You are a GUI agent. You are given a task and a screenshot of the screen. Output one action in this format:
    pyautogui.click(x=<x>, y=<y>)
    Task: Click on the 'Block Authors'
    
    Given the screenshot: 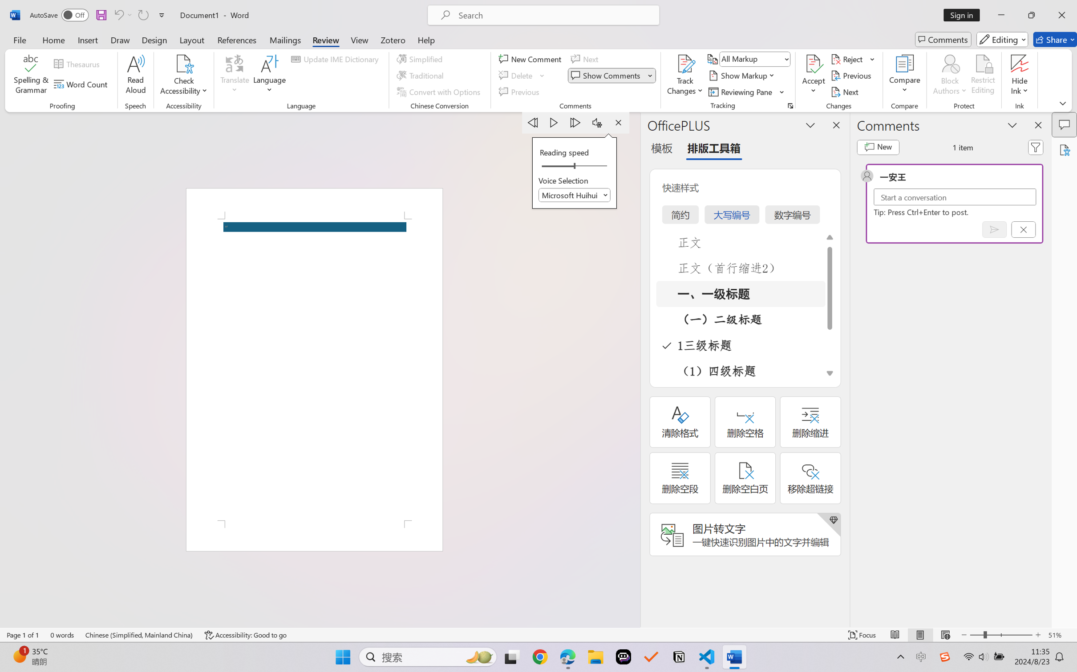 What is the action you would take?
    pyautogui.click(x=949, y=76)
    